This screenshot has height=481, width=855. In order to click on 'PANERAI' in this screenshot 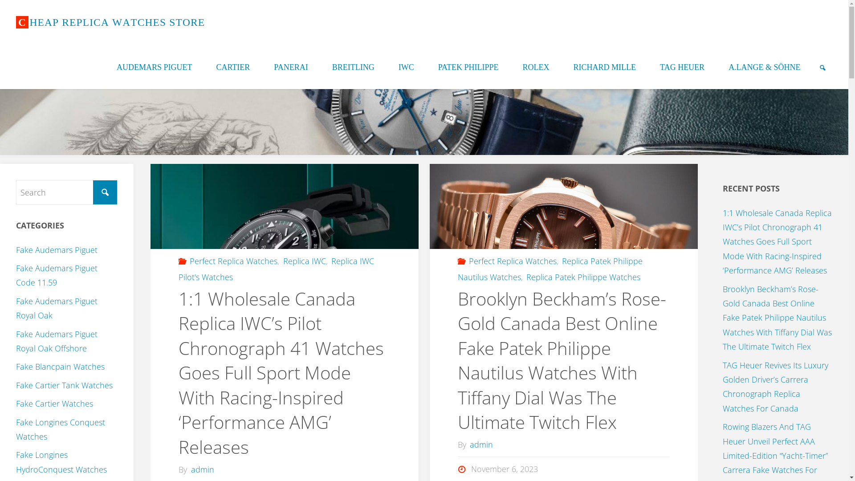, I will do `click(290, 66)`.